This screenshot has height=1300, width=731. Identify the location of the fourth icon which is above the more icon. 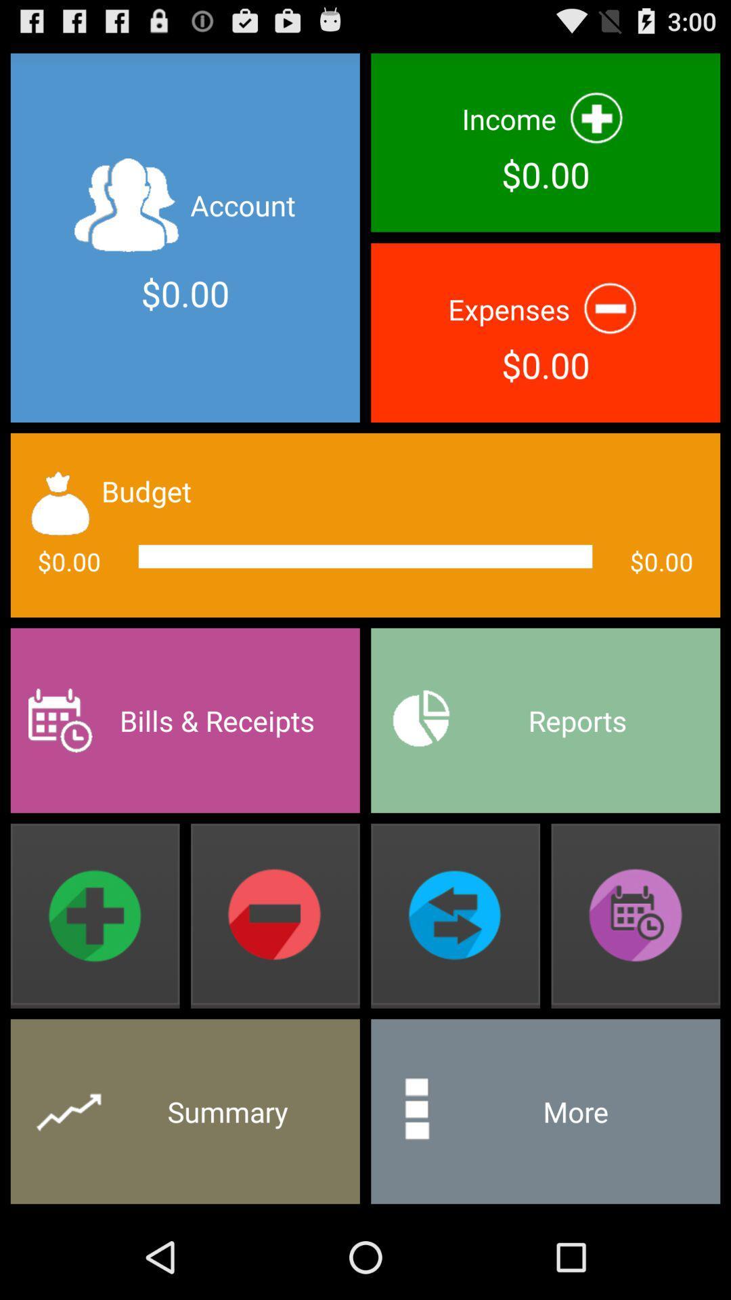
(636, 916).